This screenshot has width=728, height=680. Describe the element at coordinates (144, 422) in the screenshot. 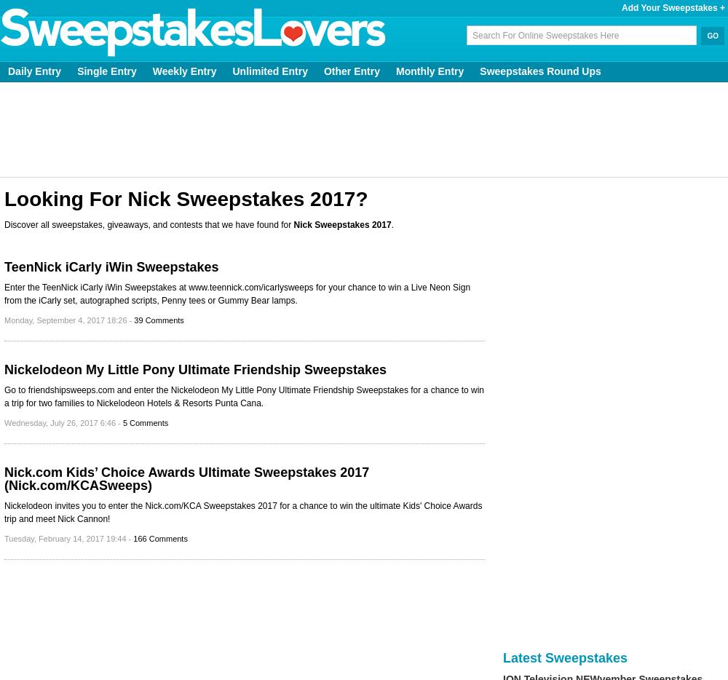

I see `'5 Comments'` at that location.